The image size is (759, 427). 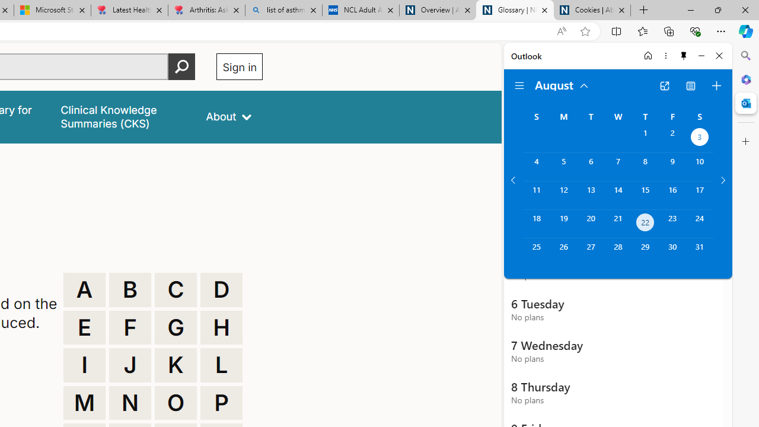 What do you see at coordinates (84, 327) in the screenshot?
I see `'E'` at bounding box center [84, 327].